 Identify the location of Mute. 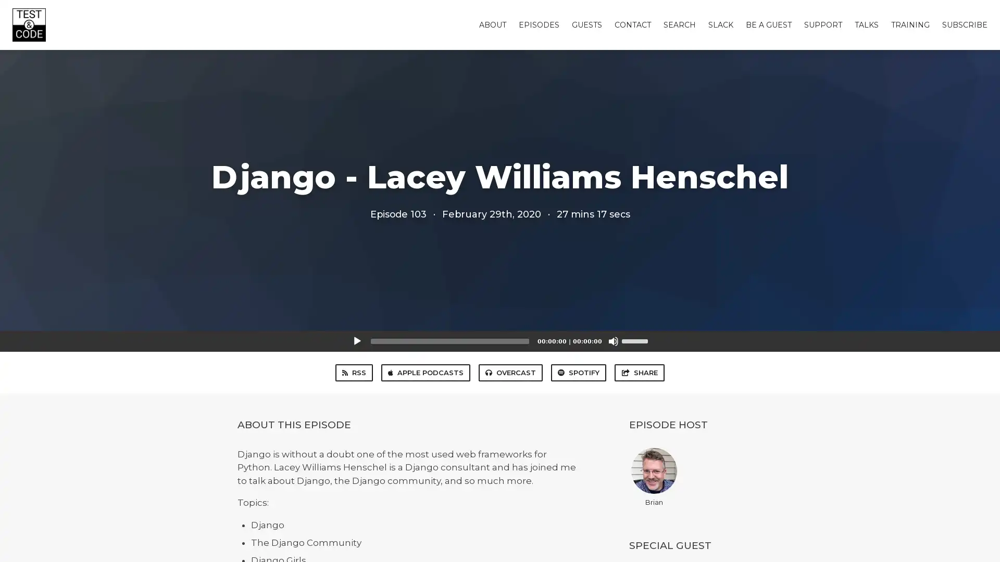
(613, 341).